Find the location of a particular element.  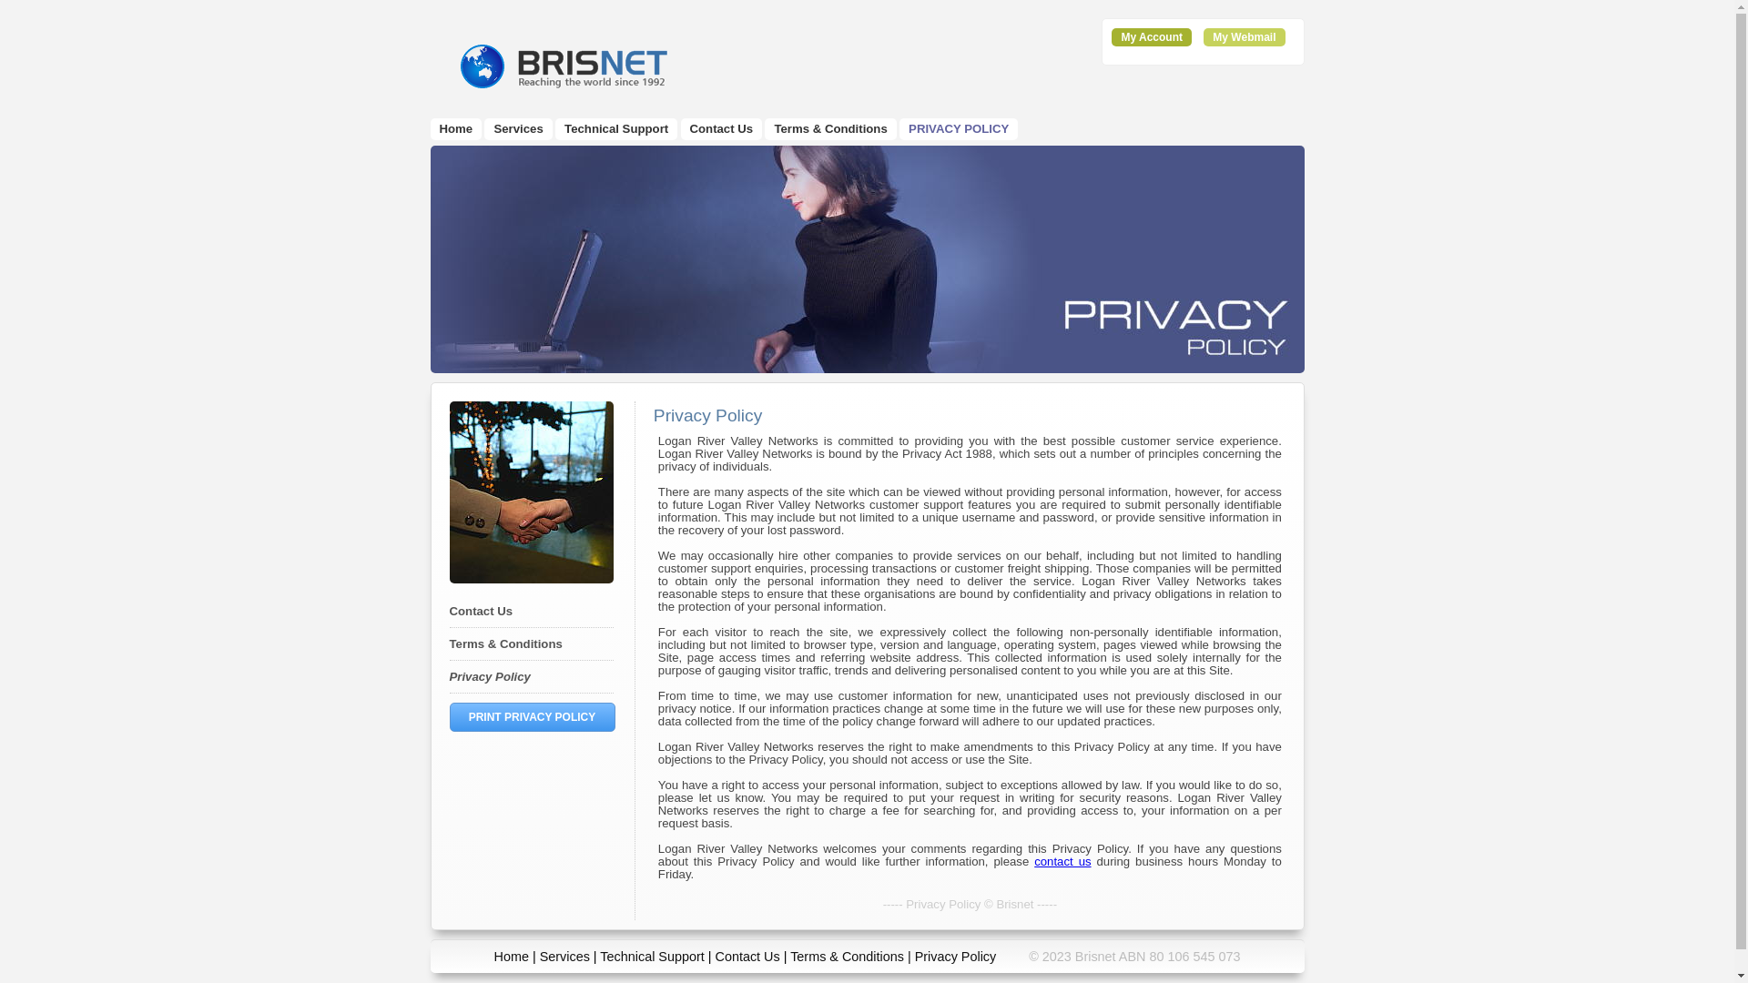

'Brisnet' is located at coordinates (561, 65).